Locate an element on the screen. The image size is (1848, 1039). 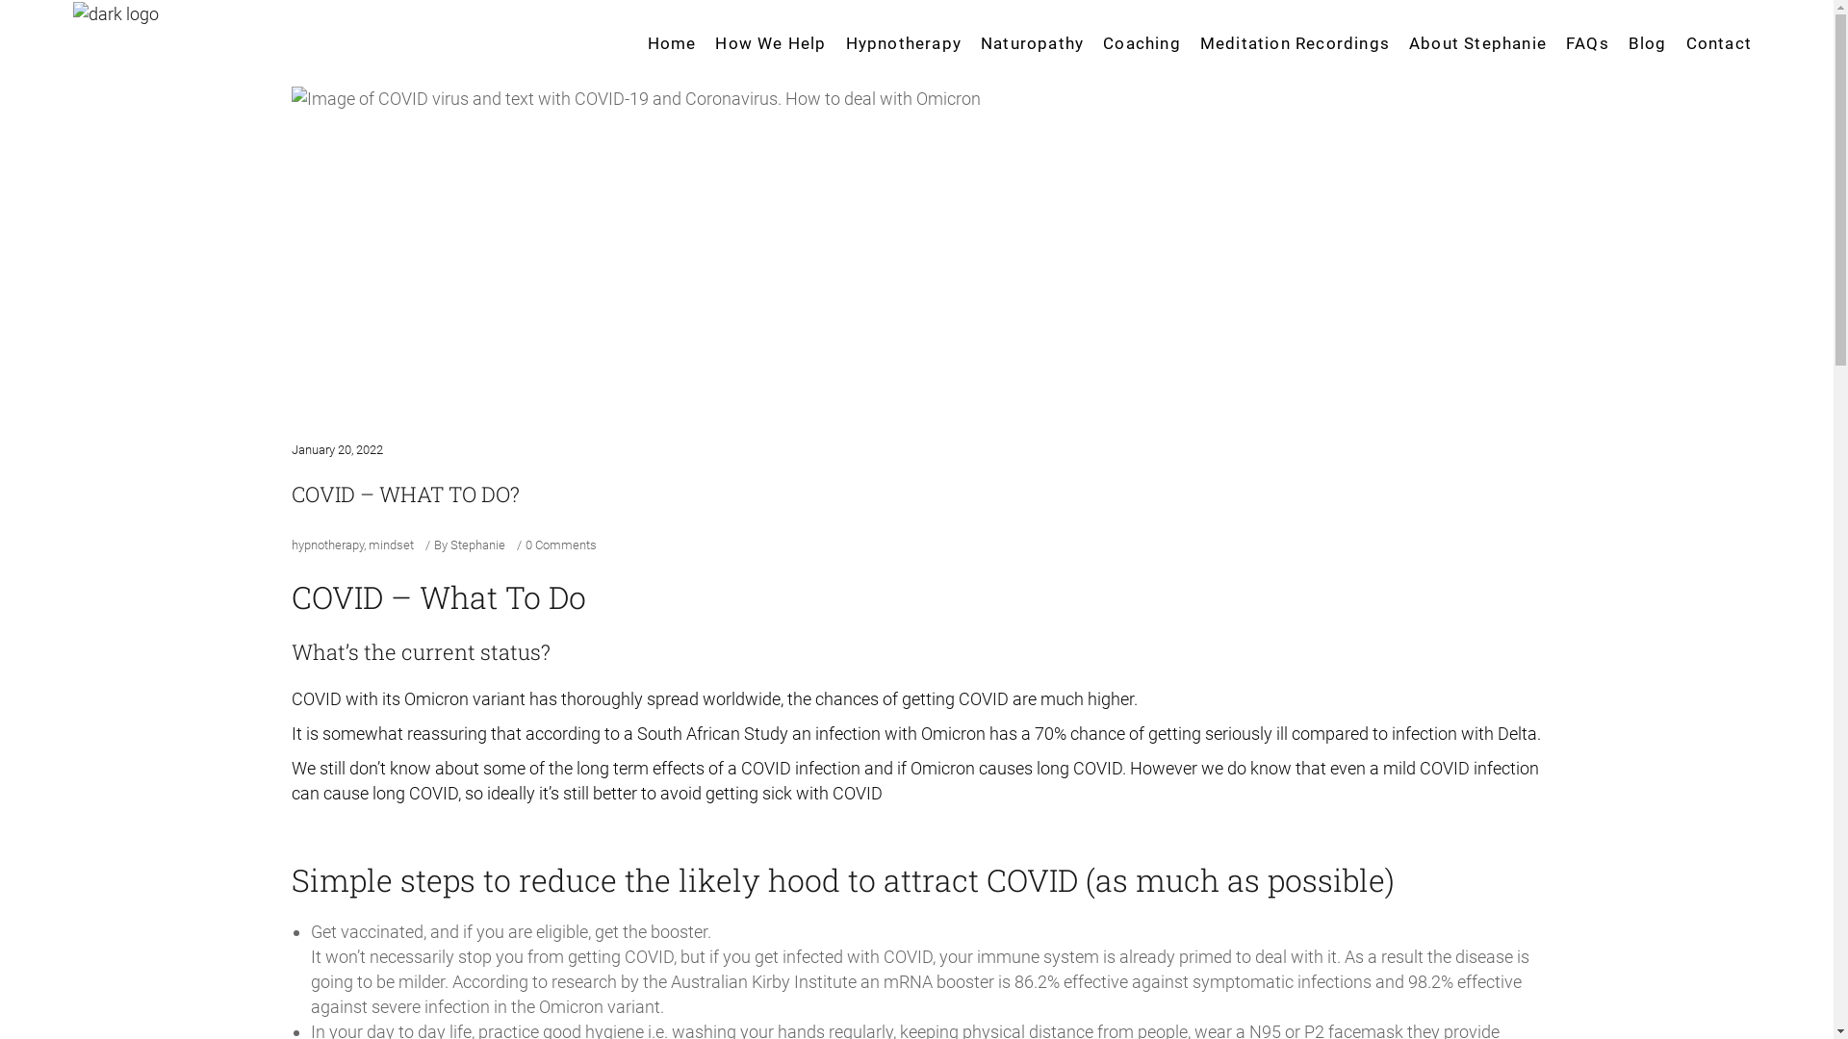
'FAQs' is located at coordinates (1587, 43).